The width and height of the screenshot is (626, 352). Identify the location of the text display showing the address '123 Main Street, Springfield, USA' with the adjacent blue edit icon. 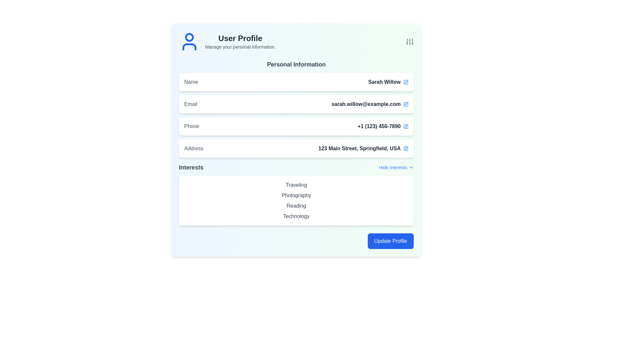
(363, 148).